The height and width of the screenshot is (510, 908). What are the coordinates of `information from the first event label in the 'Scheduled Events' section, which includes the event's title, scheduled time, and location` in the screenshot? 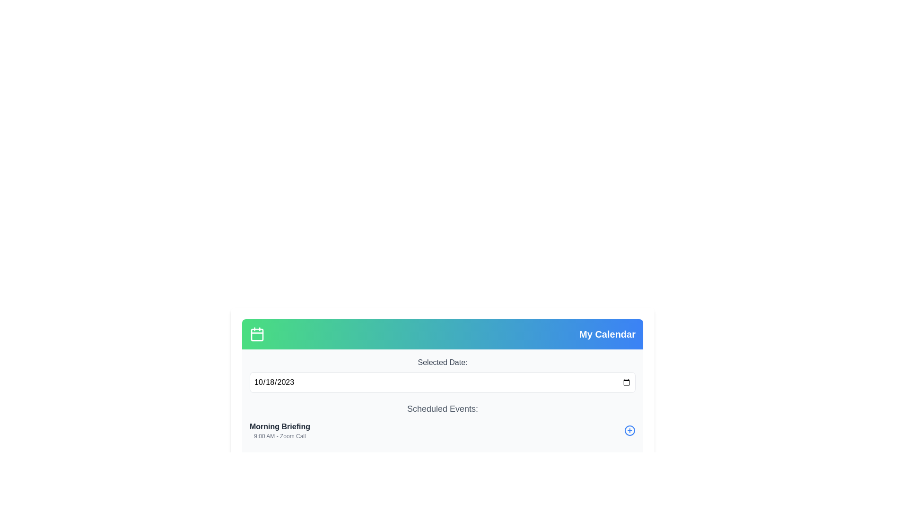 It's located at (279, 430).